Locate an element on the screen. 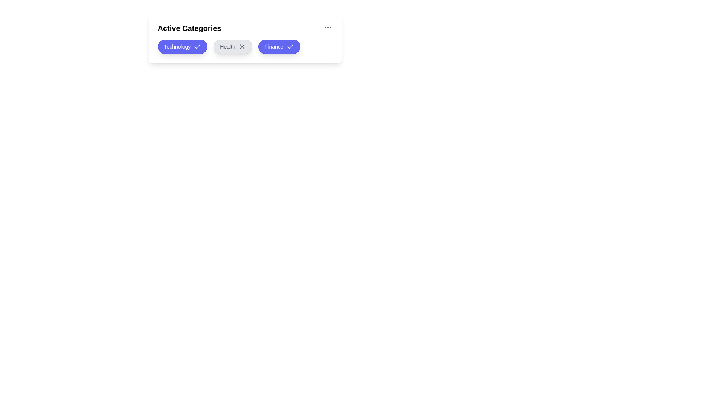 This screenshot has width=723, height=407. the Health chip to toggle its activation state is located at coordinates (232, 46).